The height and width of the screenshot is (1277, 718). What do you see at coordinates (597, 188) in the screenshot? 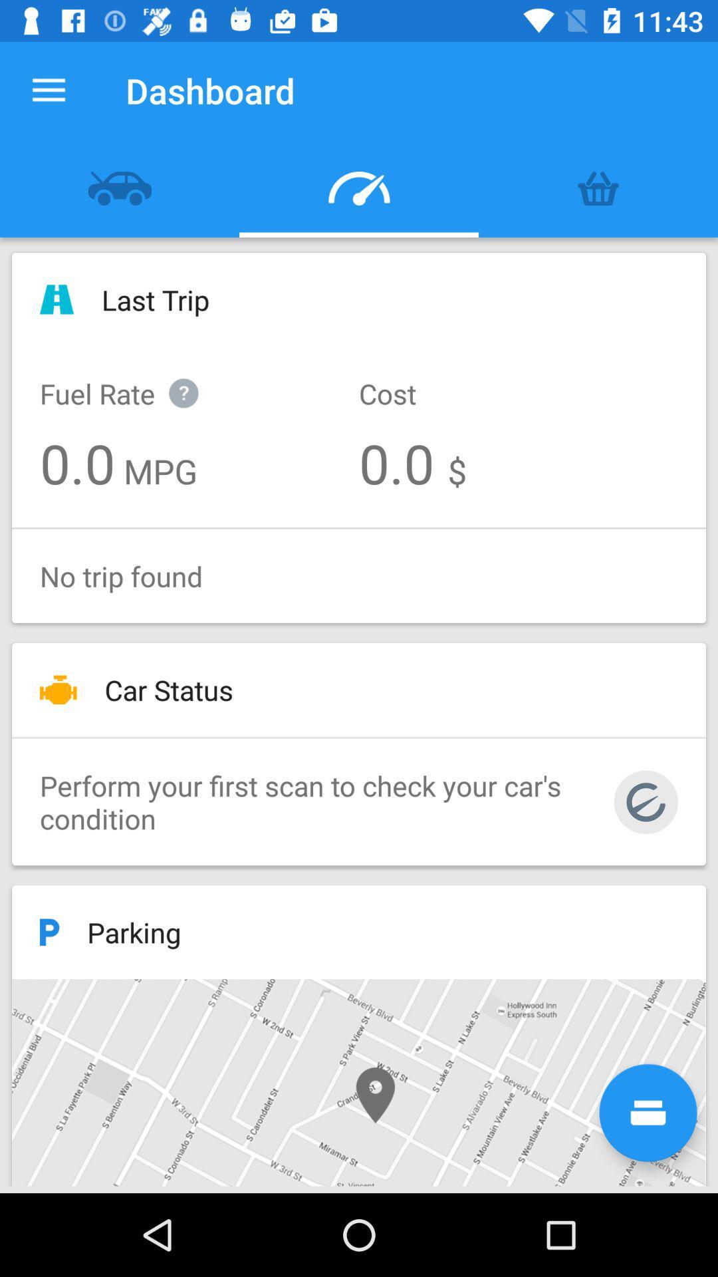
I see `the item above the last trip` at bounding box center [597, 188].